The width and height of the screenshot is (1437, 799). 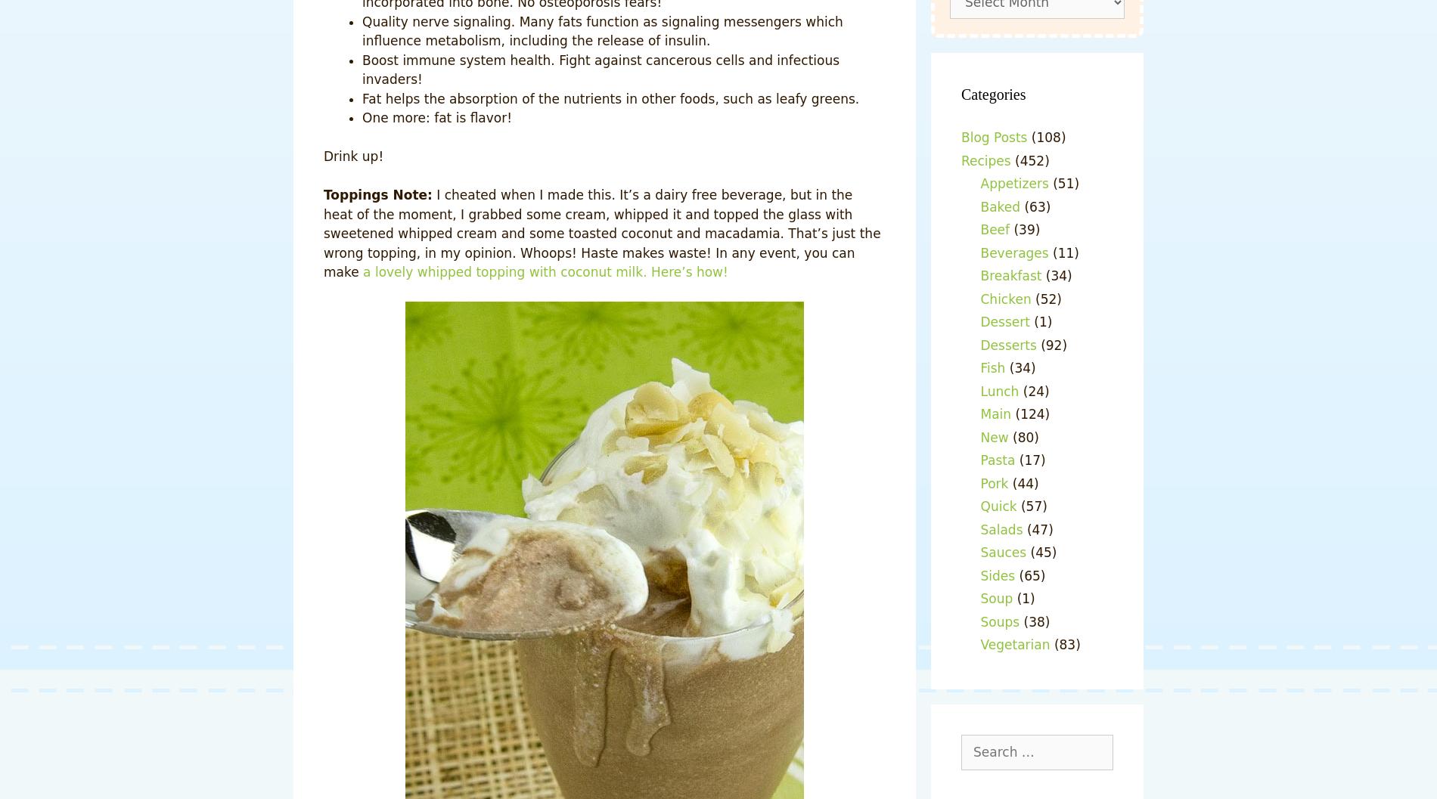 What do you see at coordinates (979, 344) in the screenshot?
I see `'Desserts'` at bounding box center [979, 344].